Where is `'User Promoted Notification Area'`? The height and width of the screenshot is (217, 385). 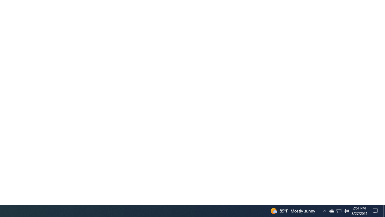
'User Promoted Notification Area' is located at coordinates (324, 210).